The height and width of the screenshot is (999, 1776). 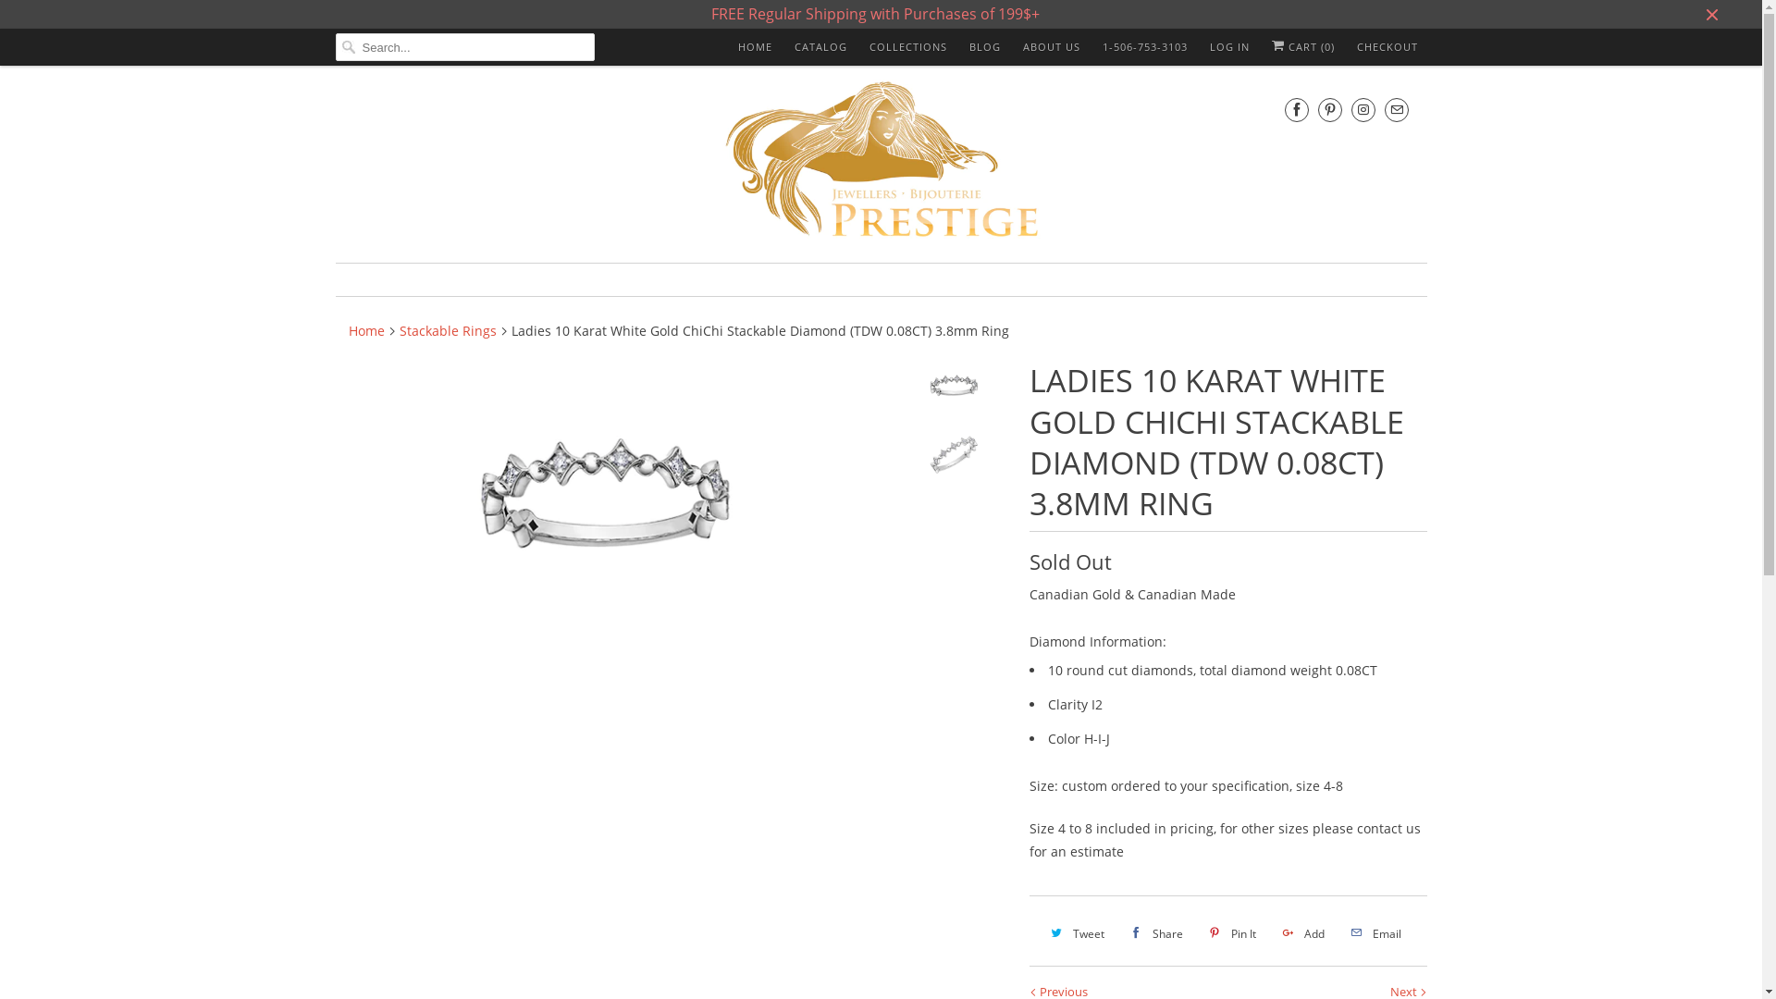 What do you see at coordinates (448, 329) in the screenshot?
I see `'Stackable Rings'` at bounding box center [448, 329].